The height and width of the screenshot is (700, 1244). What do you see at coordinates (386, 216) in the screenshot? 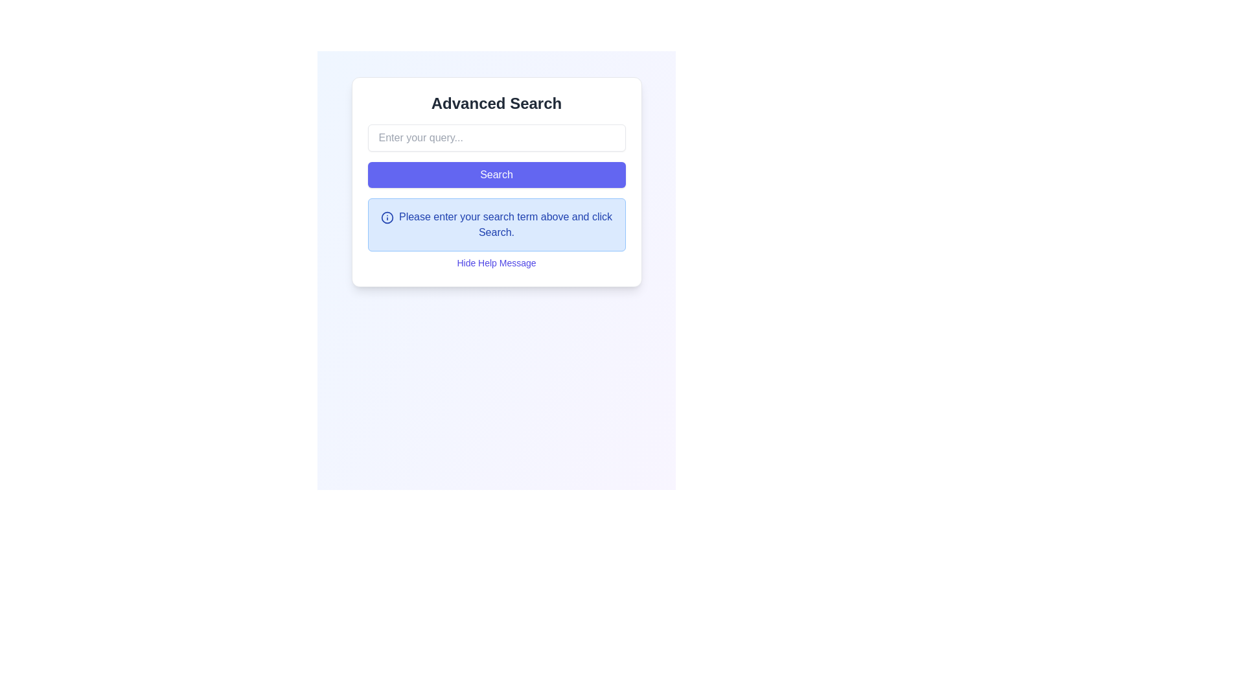
I see `the circular 'i' icon that serves as an informational indicator located on the left side of the notification box` at bounding box center [386, 216].